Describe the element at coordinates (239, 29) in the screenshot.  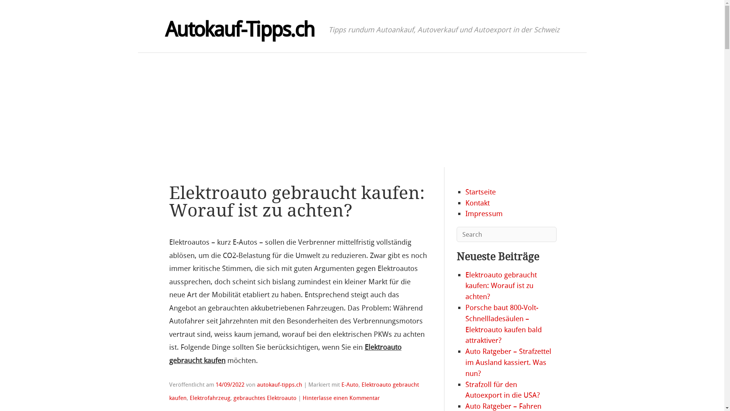
I see `'Autokauf-Tipps.ch'` at that location.